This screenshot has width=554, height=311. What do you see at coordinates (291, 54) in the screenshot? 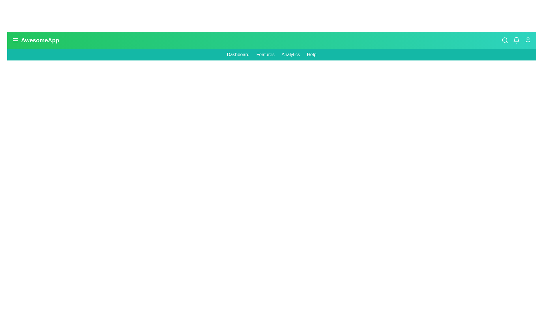
I see `the 'Analytics' link` at bounding box center [291, 54].